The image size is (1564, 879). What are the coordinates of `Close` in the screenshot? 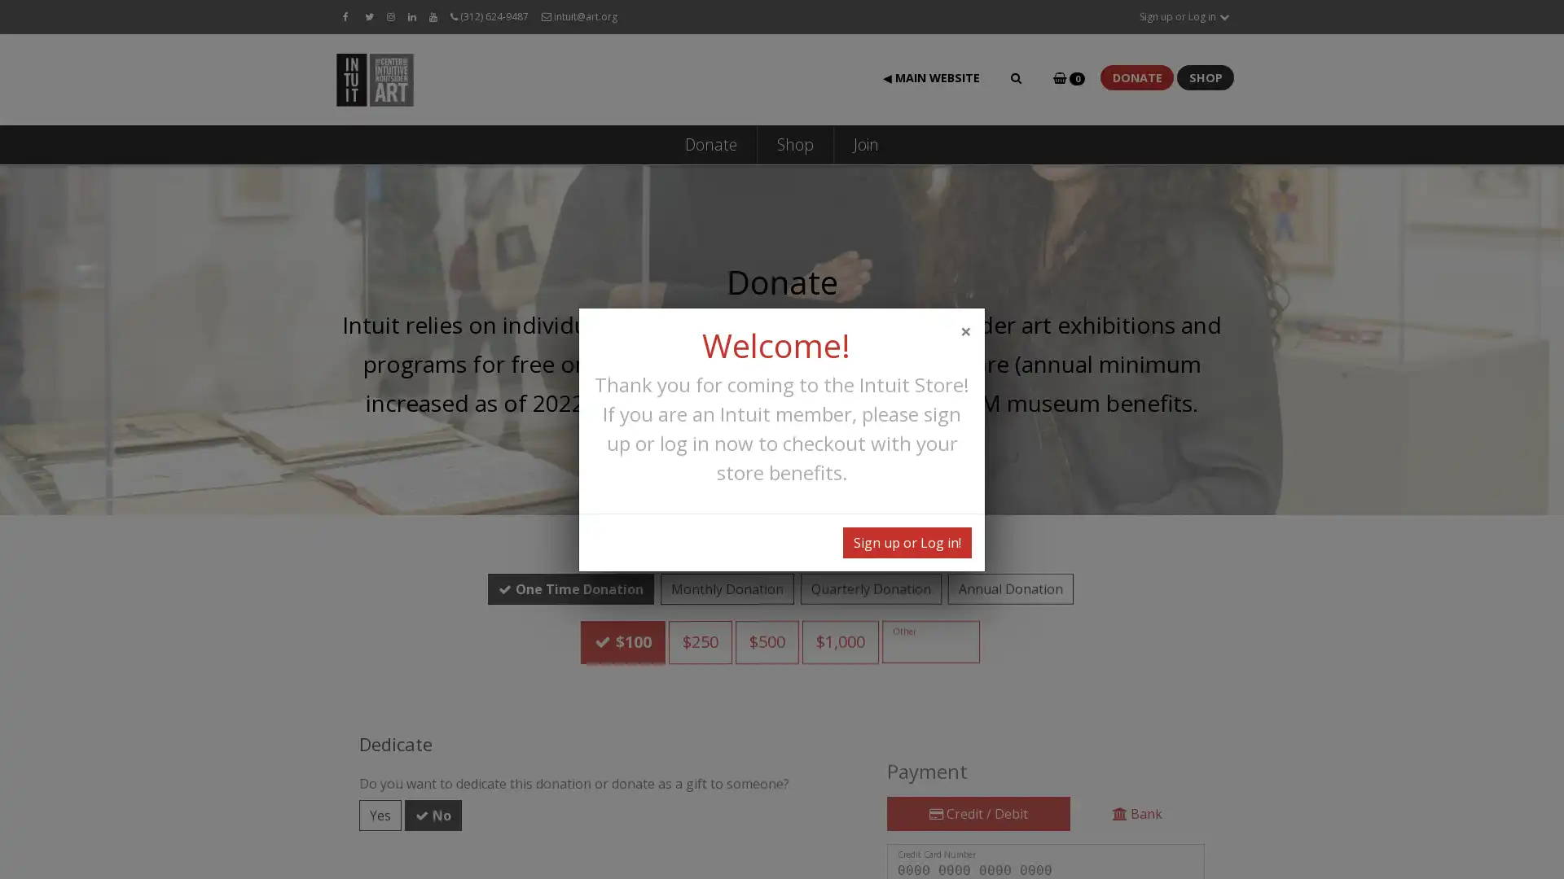 It's located at (965, 330).